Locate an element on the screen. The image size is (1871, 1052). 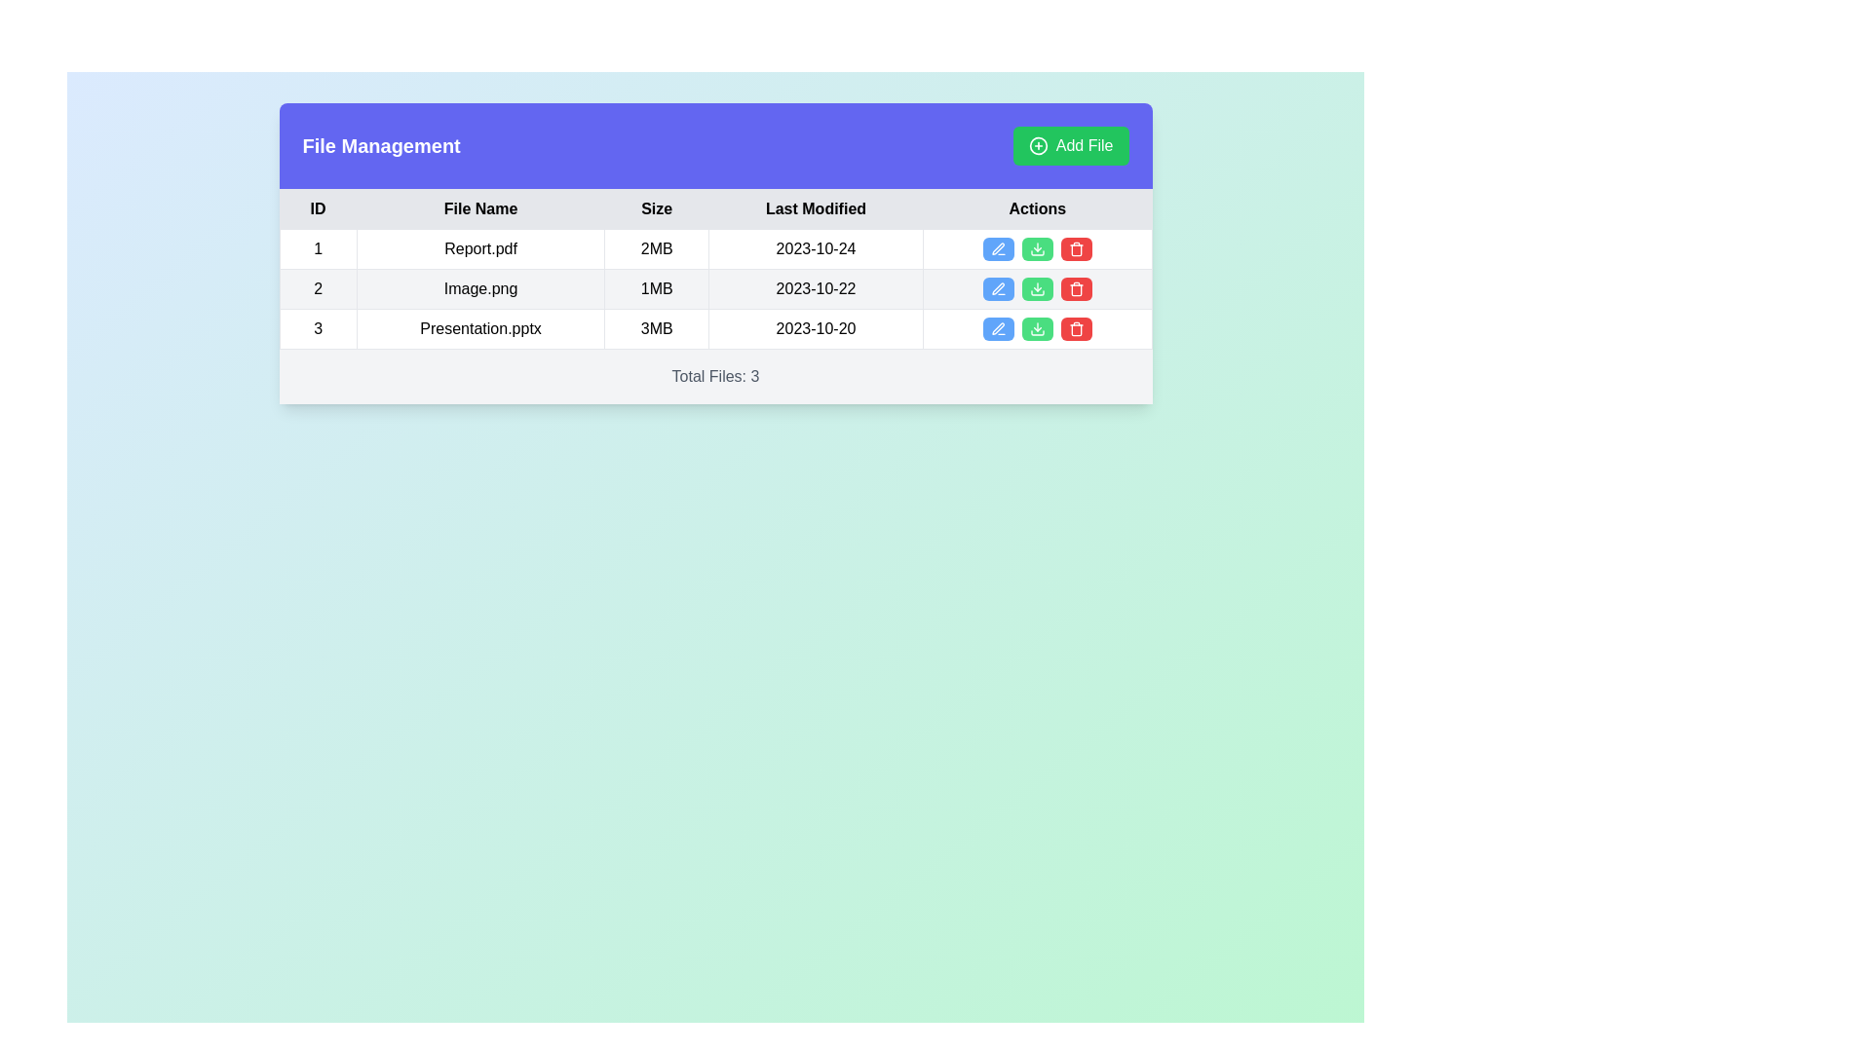
the 'Edit' icon button located in the rightmost column of the 'Actions' section within the third row of the 'File Management' table is located at coordinates (998, 328).